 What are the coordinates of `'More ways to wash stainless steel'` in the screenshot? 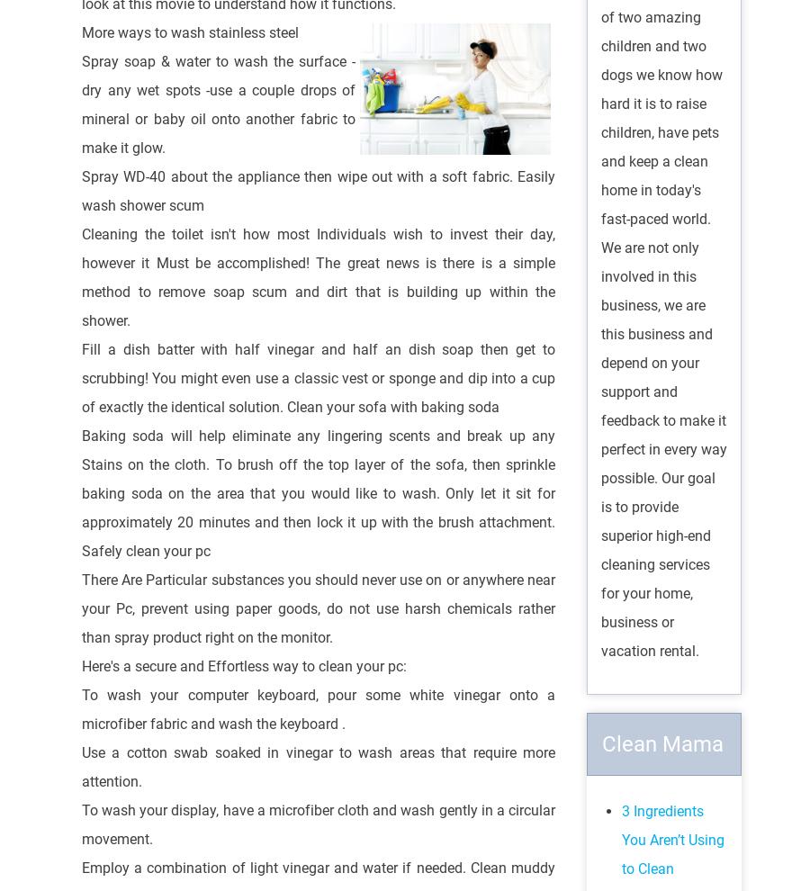 It's located at (80, 31).